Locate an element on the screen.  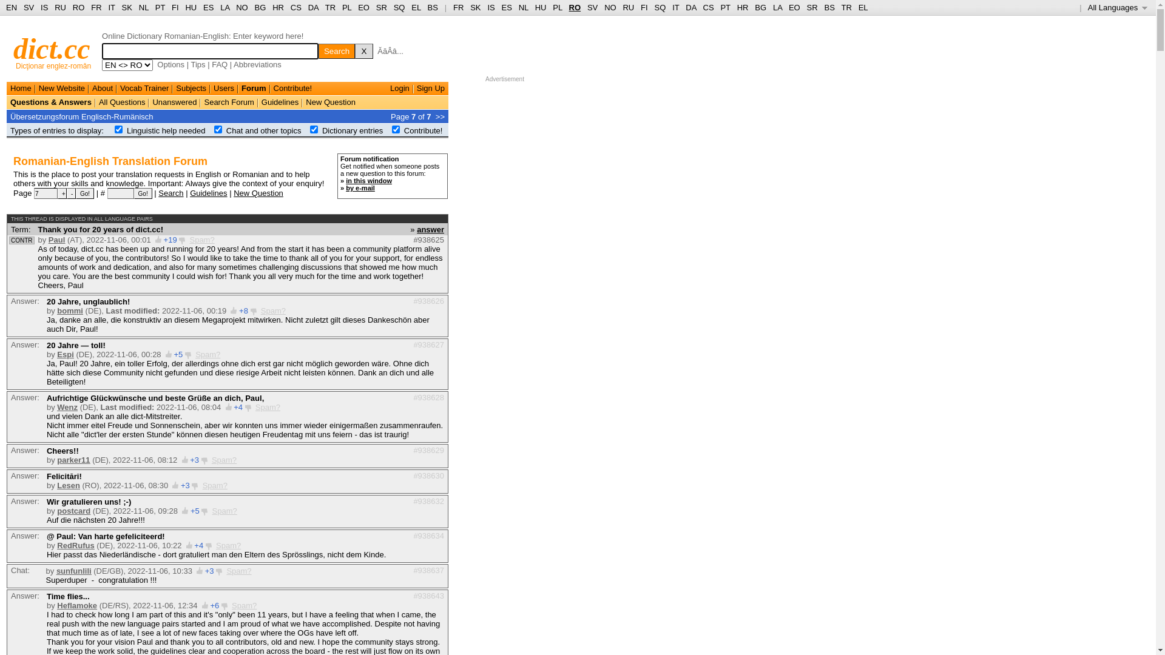
'PT' is located at coordinates (725, 7).